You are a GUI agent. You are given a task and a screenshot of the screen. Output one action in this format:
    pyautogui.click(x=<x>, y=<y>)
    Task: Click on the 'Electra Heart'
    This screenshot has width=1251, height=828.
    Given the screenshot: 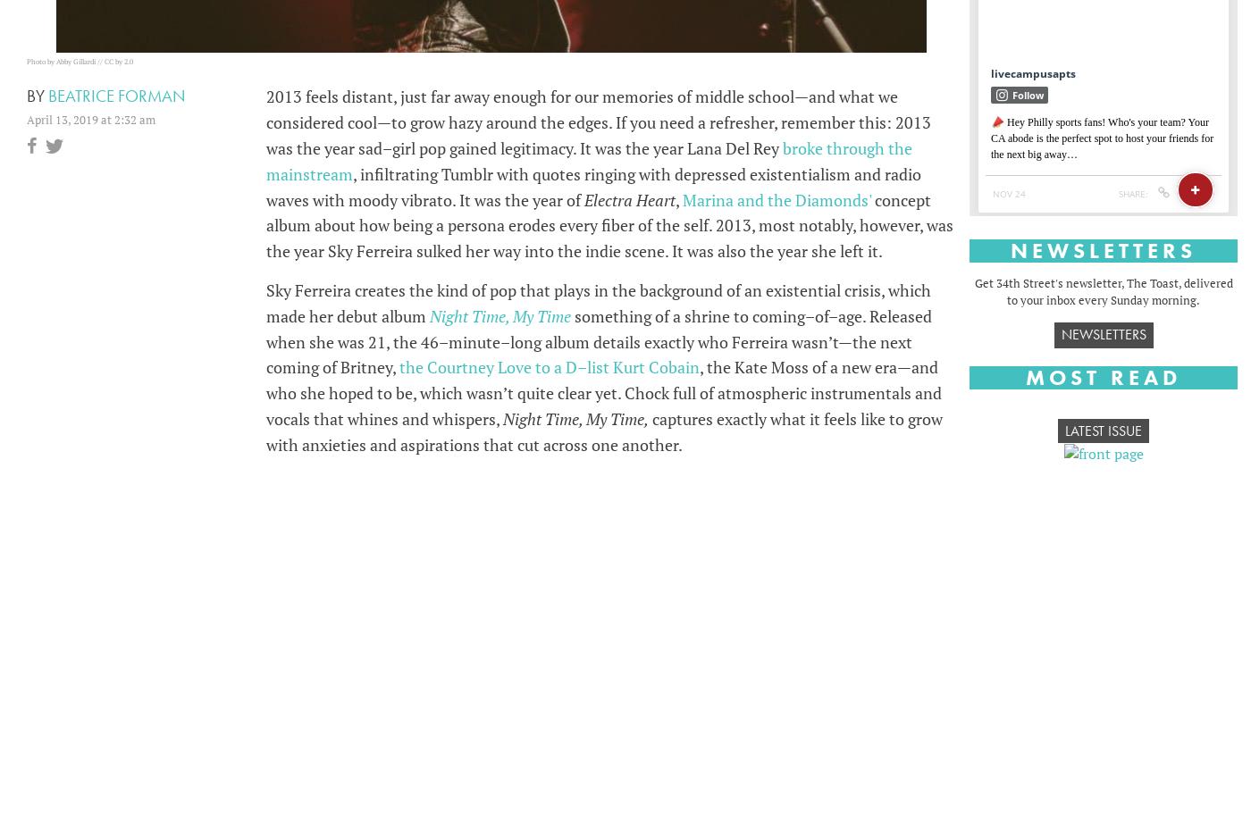 What is the action you would take?
    pyautogui.click(x=629, y=199)
    